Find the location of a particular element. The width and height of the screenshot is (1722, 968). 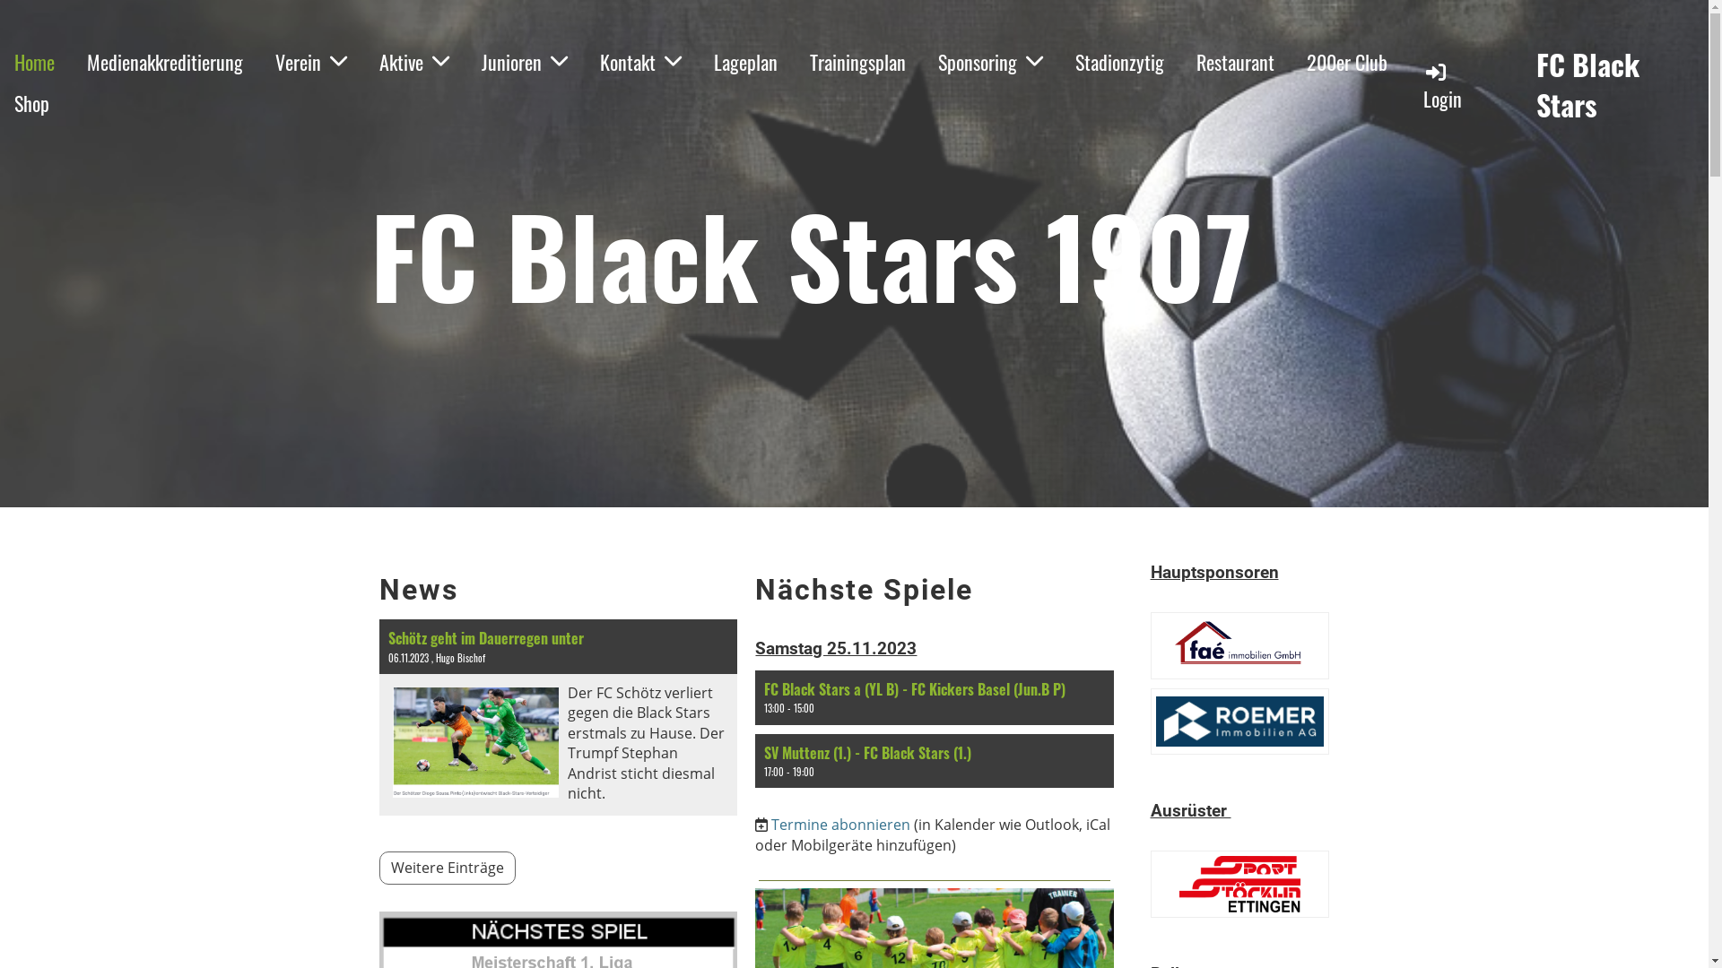

'Termine abonnieren' is located at coordinates (839, 825).